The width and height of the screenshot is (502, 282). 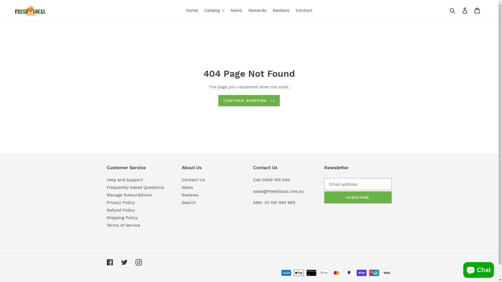 I want to click on 'Shipping Policy', so click(x=122, y=218).